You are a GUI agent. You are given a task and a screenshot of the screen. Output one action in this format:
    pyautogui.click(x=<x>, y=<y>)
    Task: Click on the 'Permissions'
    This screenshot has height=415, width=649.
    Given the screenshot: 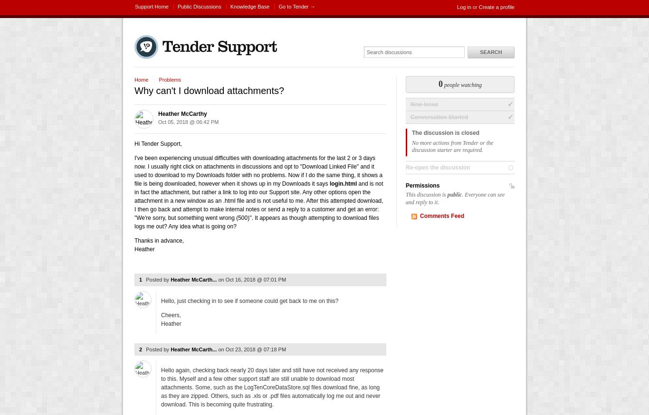 What is the action you would take?
    pyautogui.click(x=405, y=186)
    